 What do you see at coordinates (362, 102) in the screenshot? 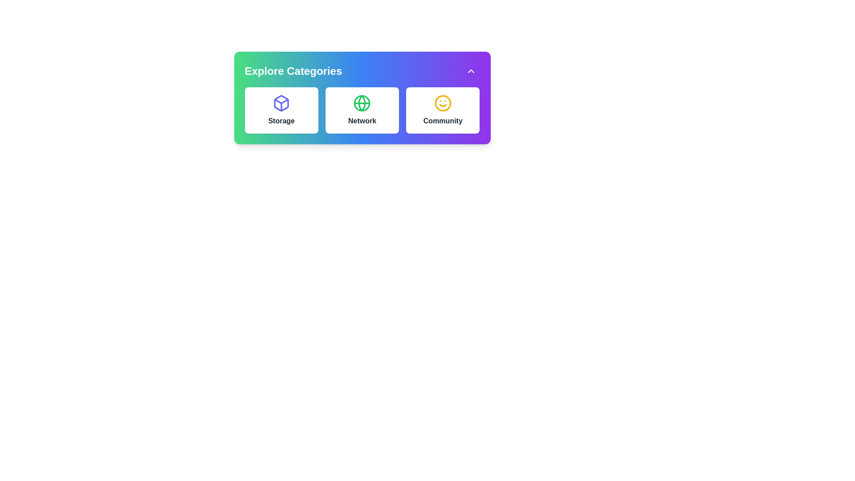
I see `the green circular graphical icon resembling a globe, which is centered in the 'Network' button located beneath the 'Explore Categories' heading` at bounding box center [362, 102].